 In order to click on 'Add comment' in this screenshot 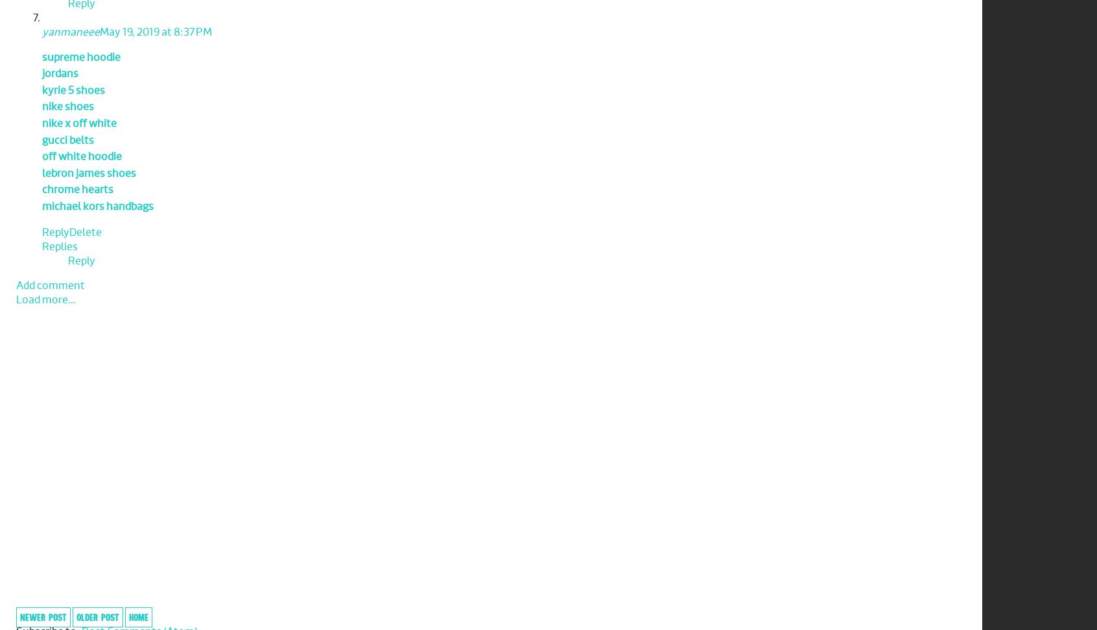, I will do `click(51, 285)`.